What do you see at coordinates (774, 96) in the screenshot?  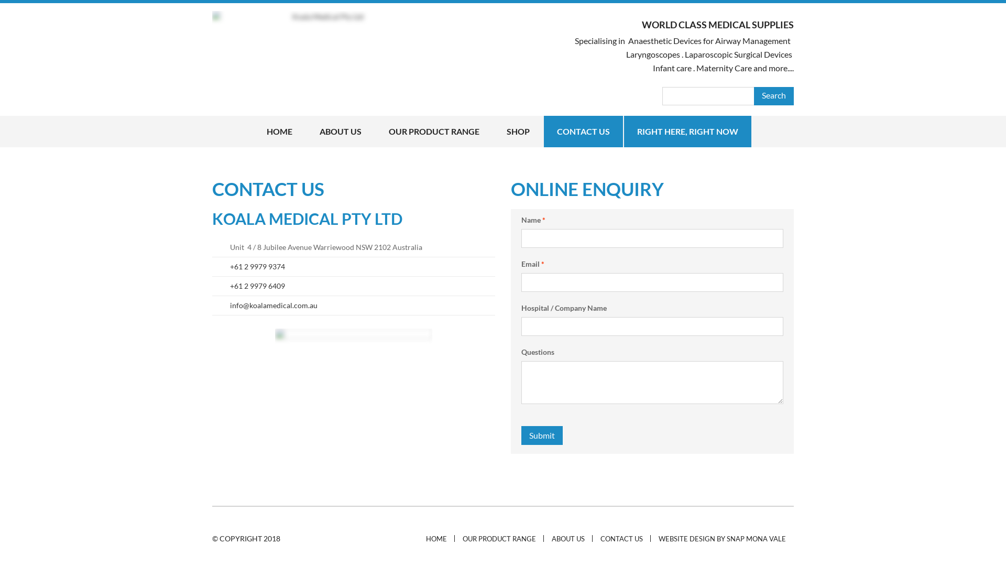 I see `'Search'` at bounding box center [774, 96].